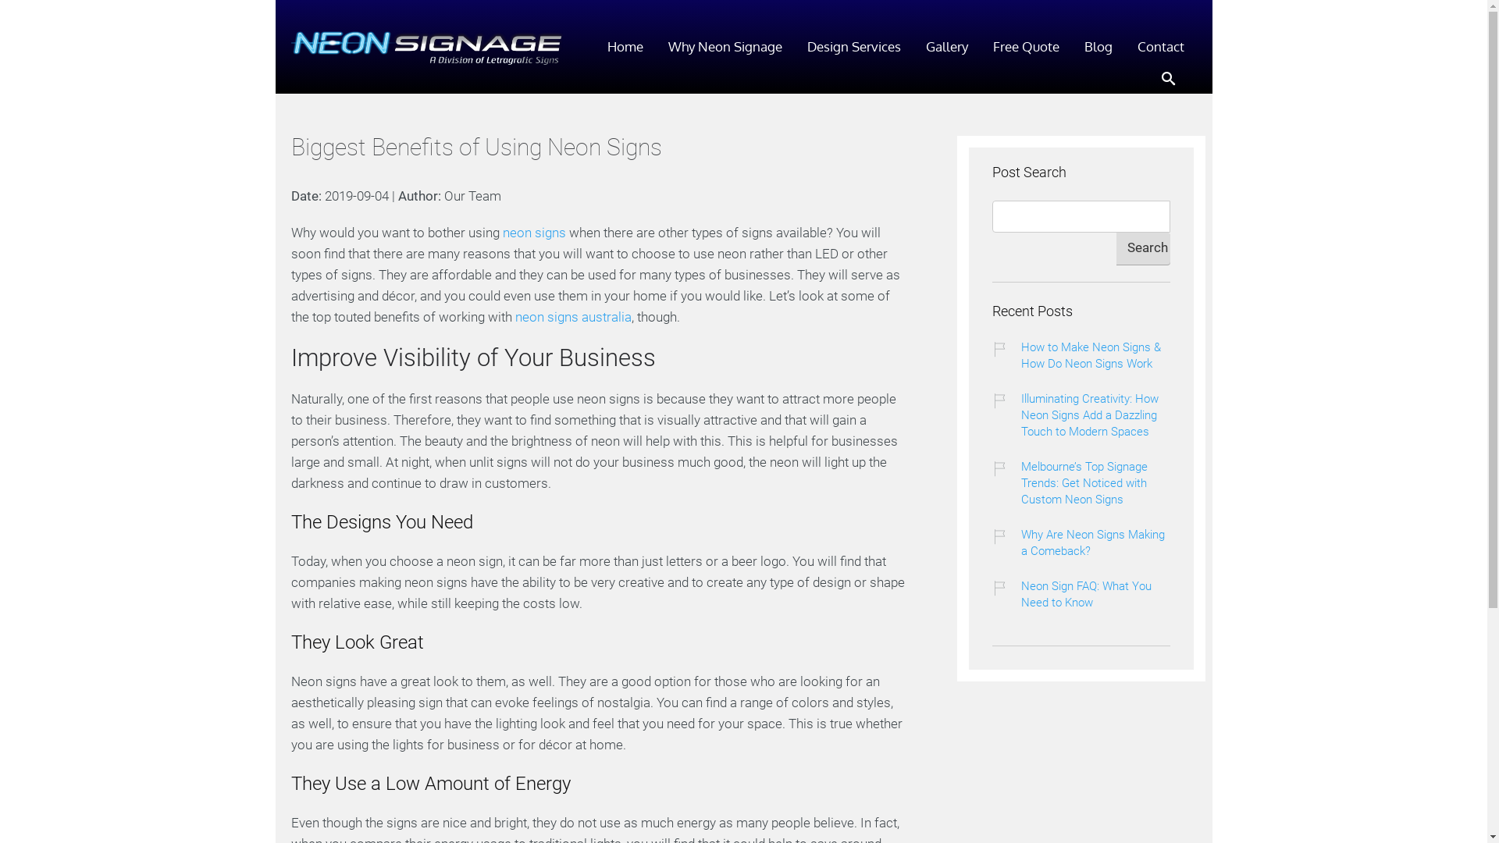  What do you see at coordinates (853, 46) in the screenshot?
I see `'Design Services'` at bounding box center [853, 46].